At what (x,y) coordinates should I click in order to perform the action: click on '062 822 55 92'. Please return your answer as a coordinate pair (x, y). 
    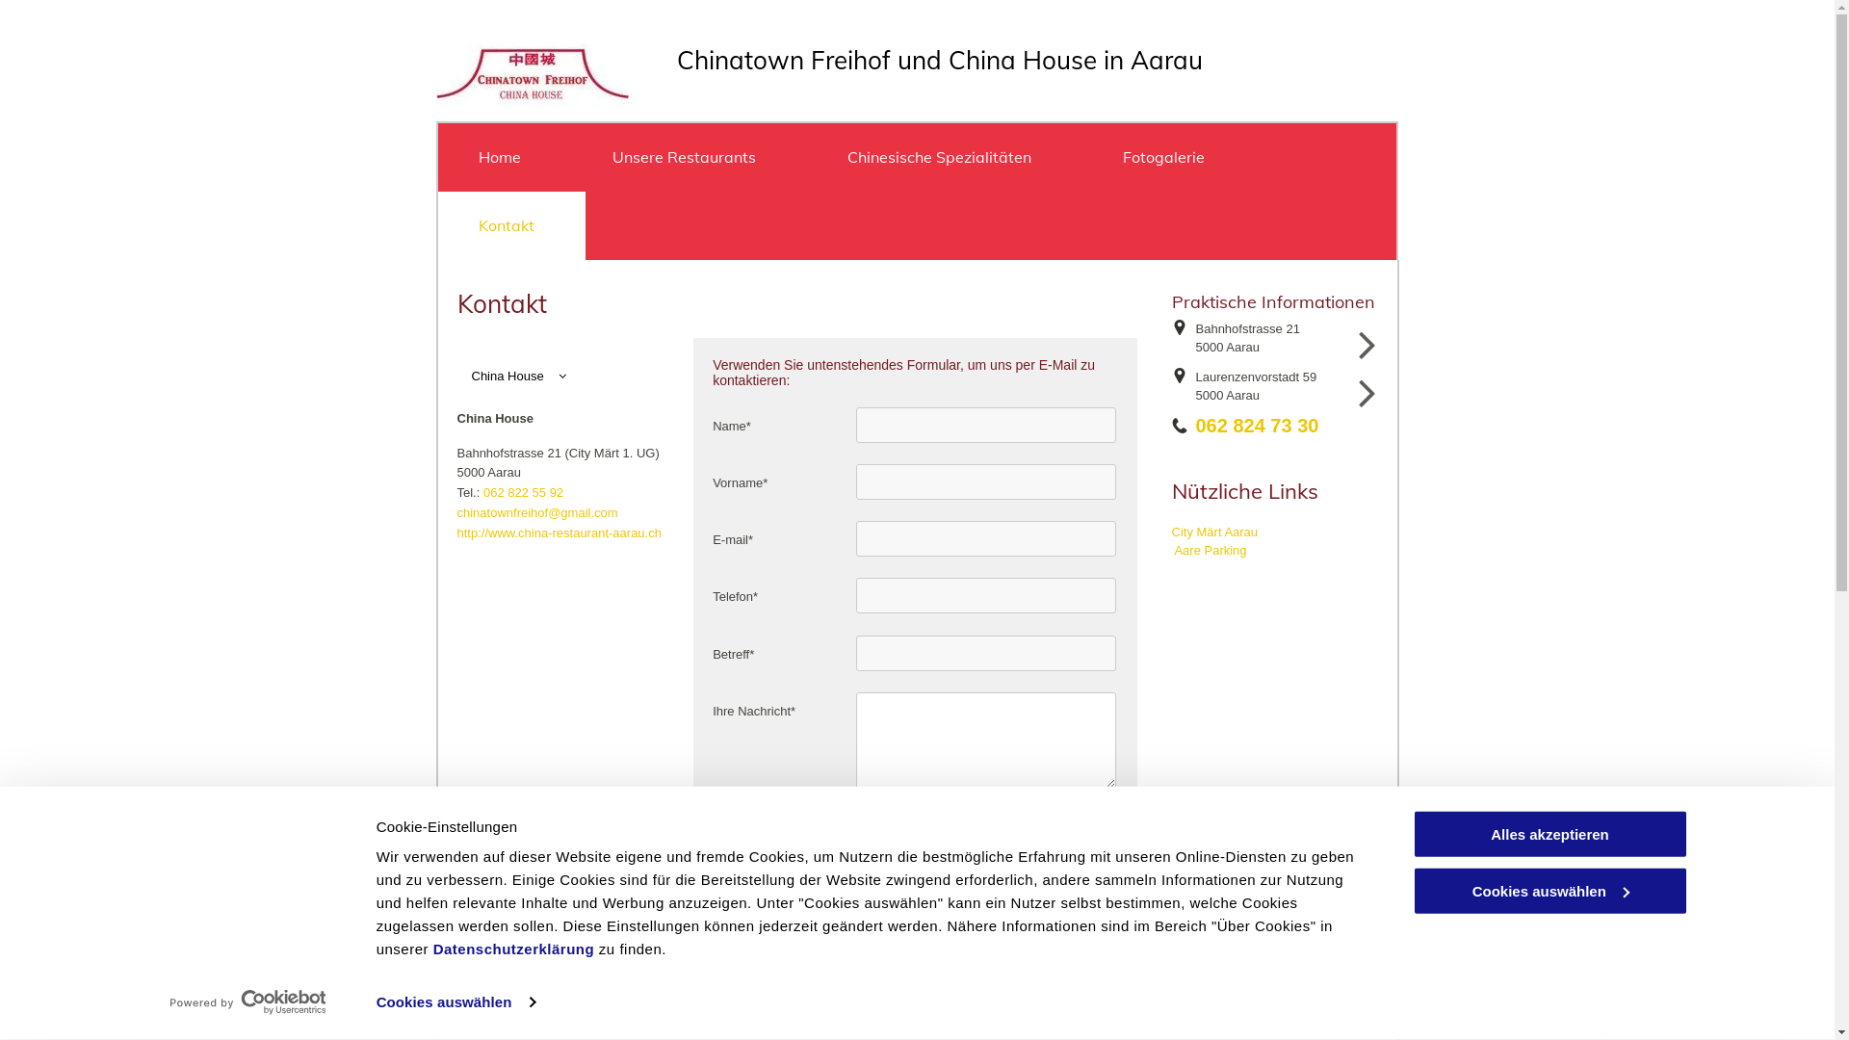
    Looking at the image, I should click on (523, 491).